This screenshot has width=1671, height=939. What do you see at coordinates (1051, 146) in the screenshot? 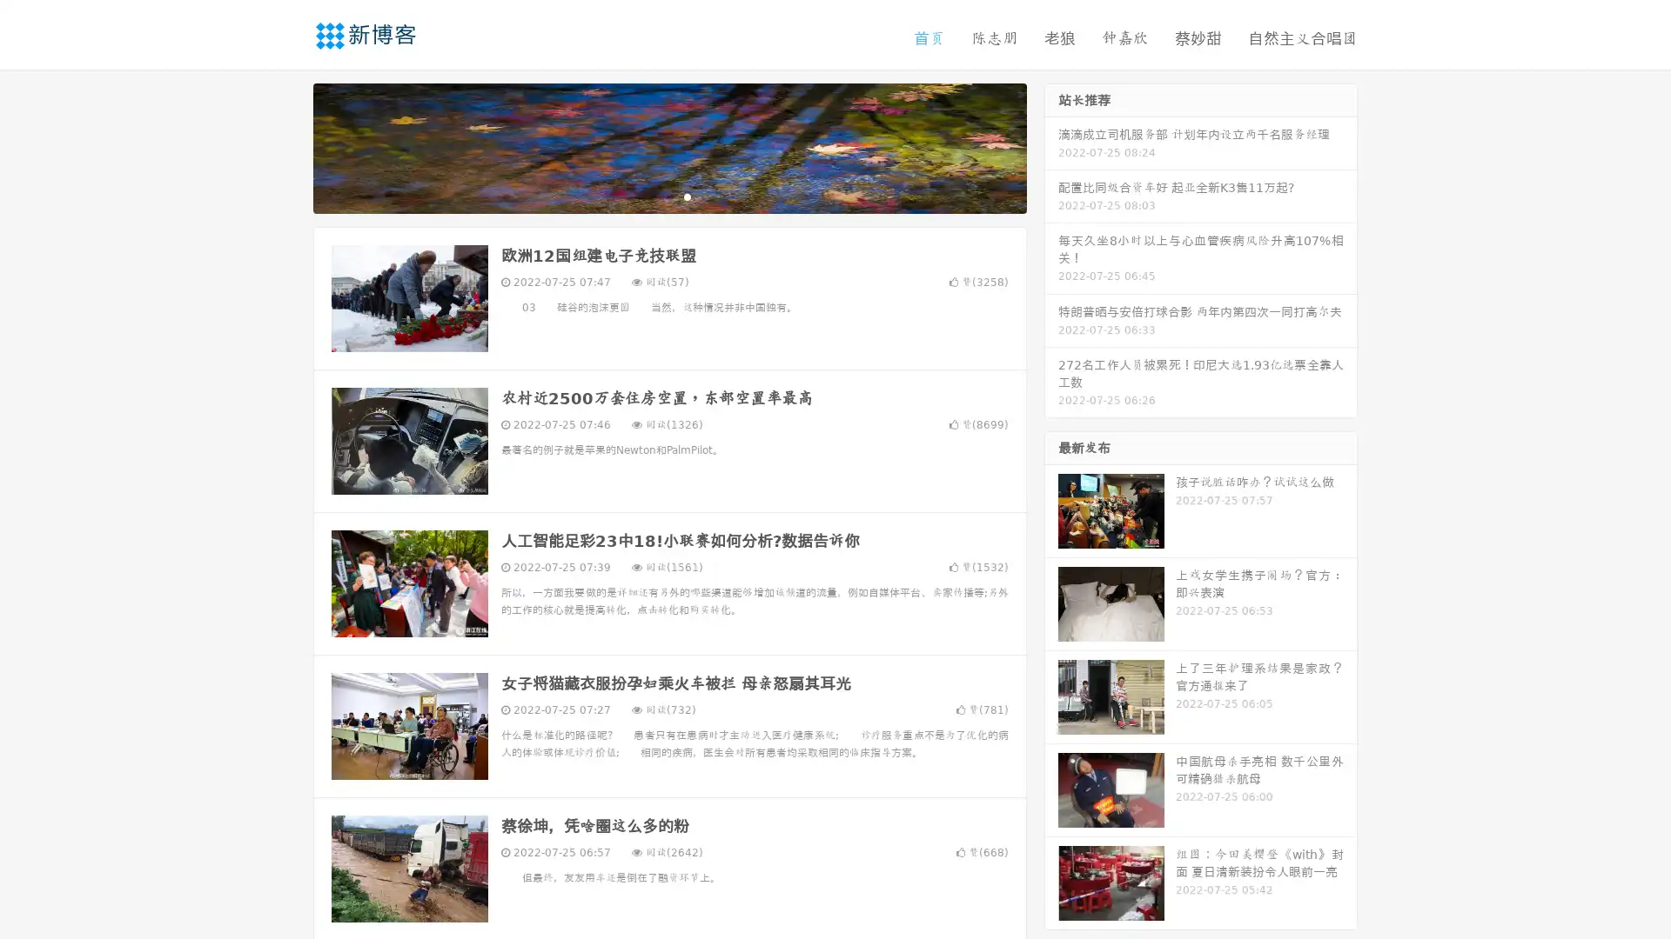
I see `Next slide` at bounding box center [1051, 146].